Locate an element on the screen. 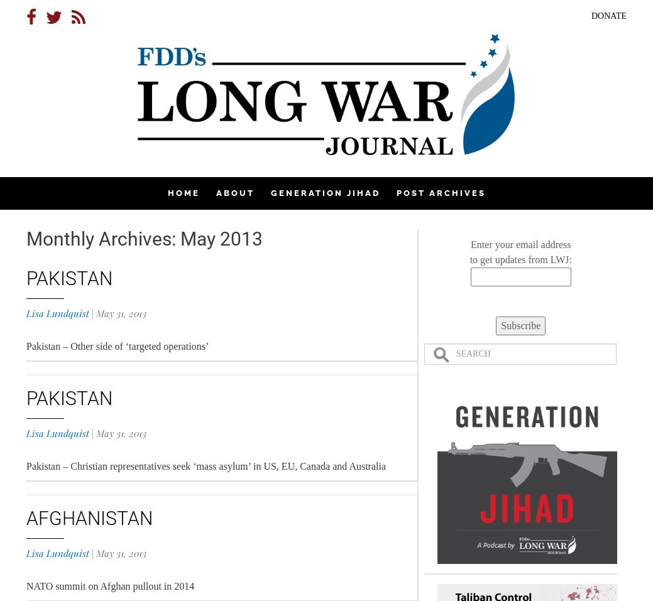 Image resolution: width=653 pixels, height=601 pixels. 'Pakistan – Christian representatives seek ‘mass asylum’ in US, EU, Canada and Australia' is located at coordinates (206, 466).